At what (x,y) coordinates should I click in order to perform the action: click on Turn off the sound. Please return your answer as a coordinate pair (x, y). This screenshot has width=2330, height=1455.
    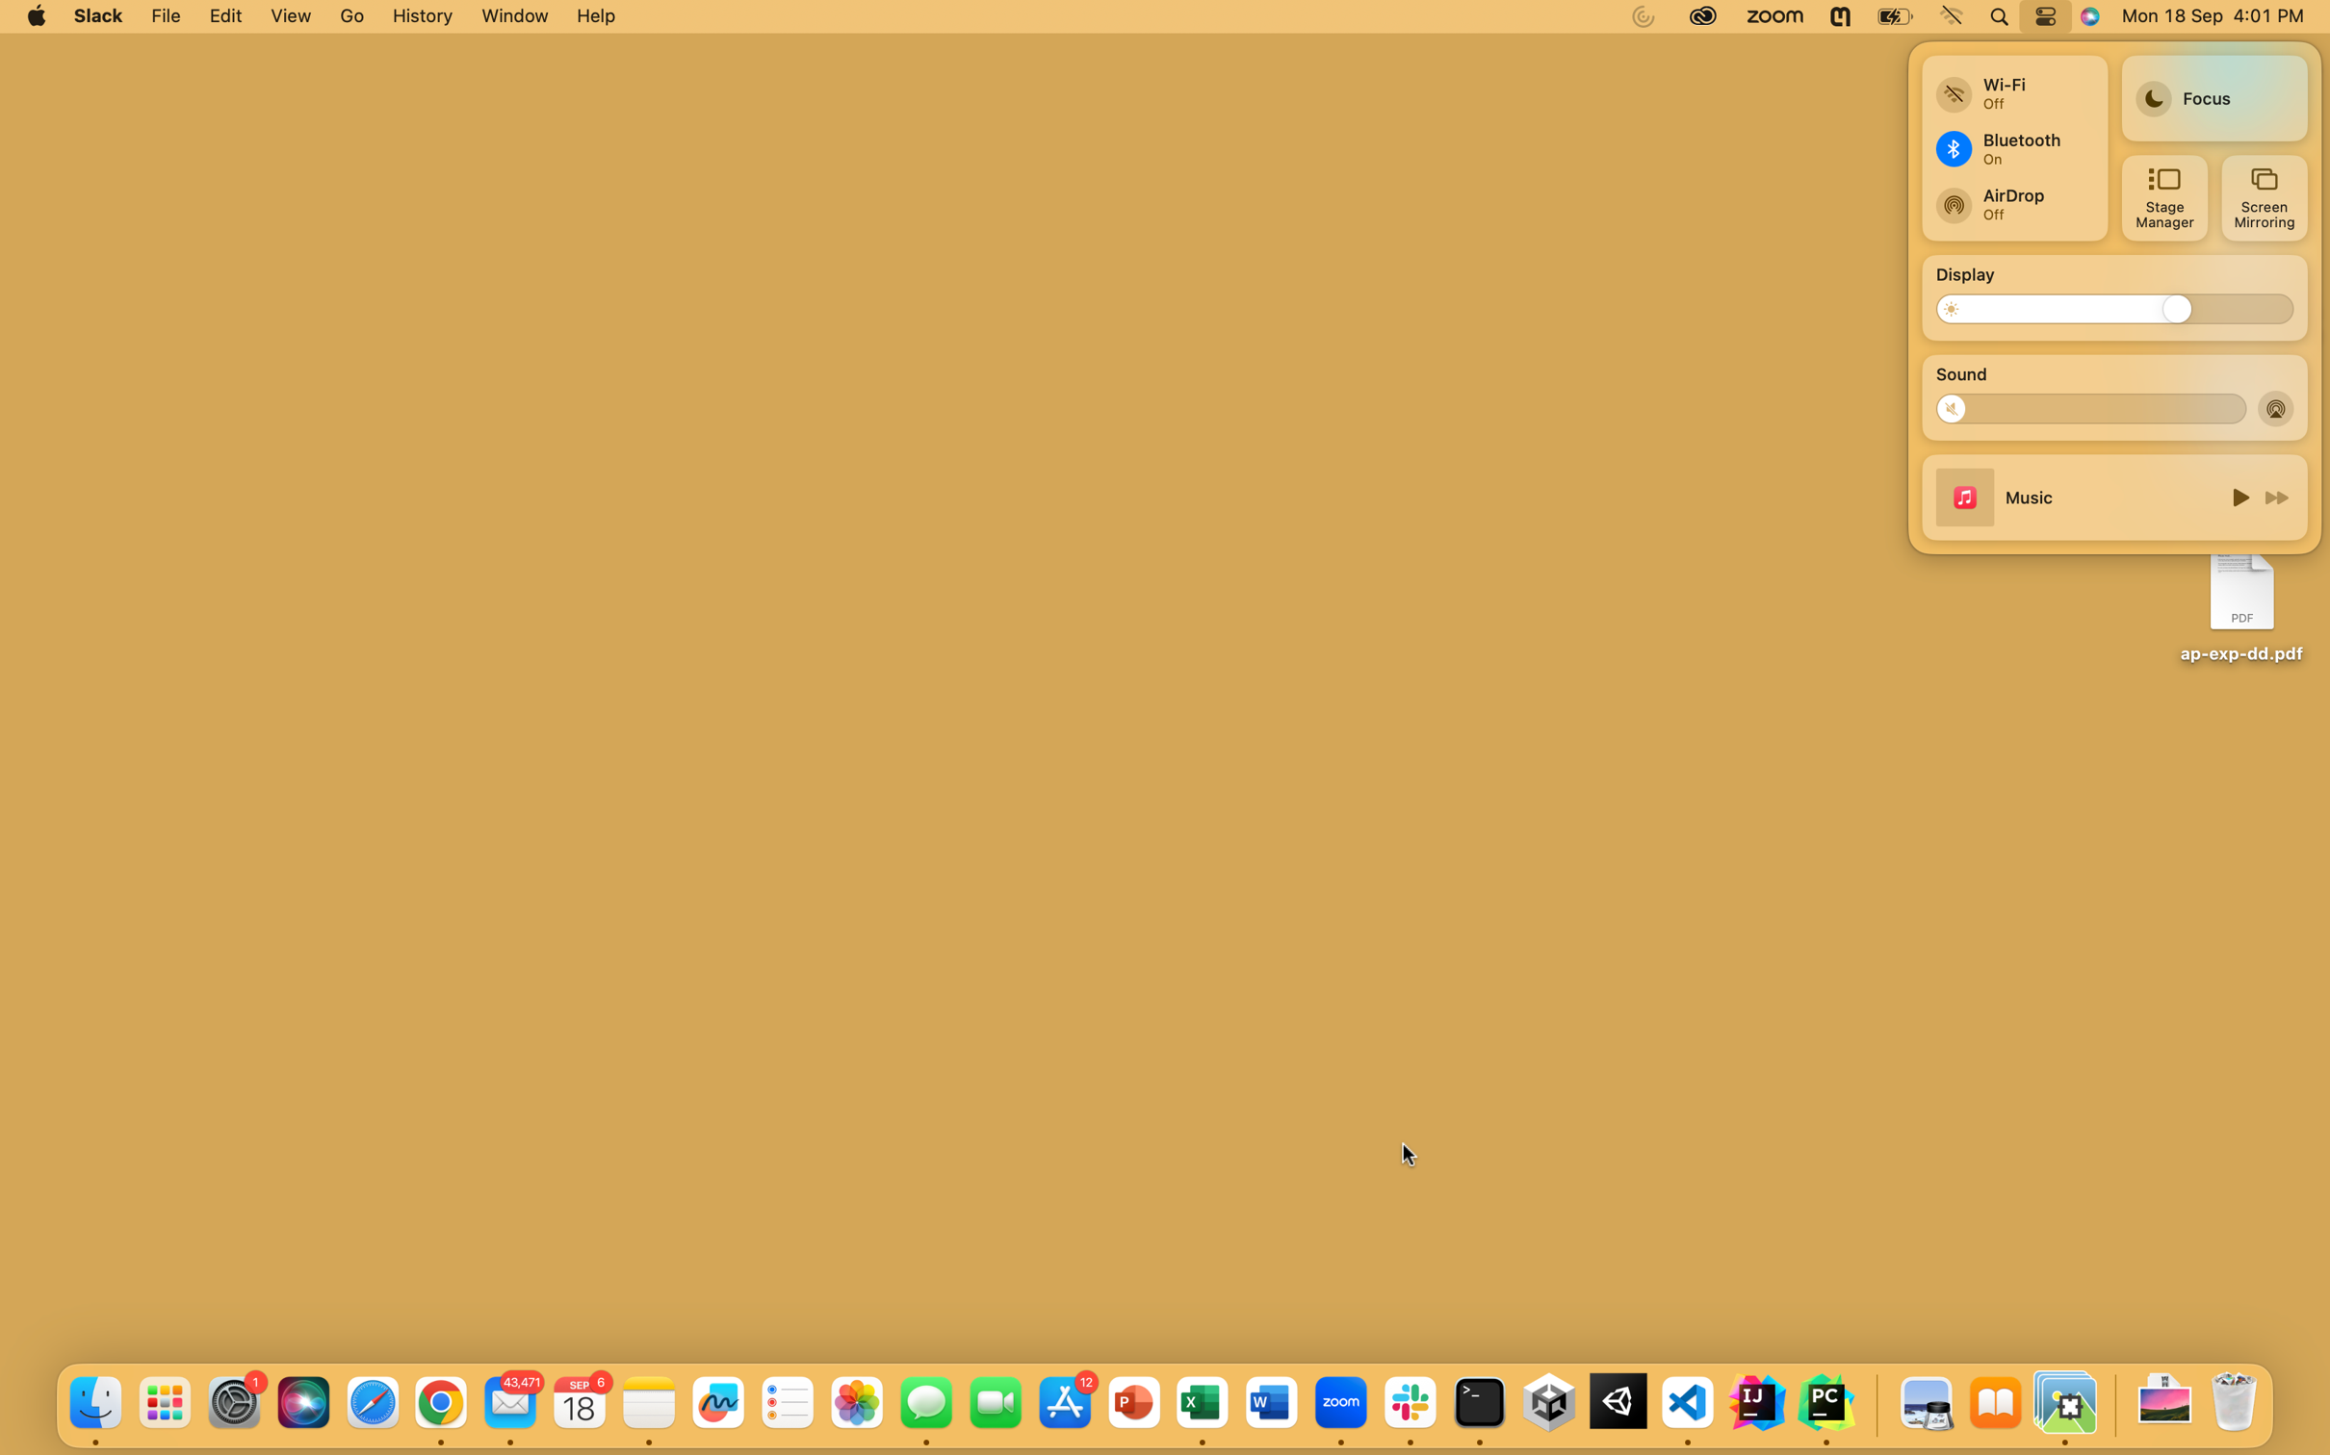
    Looking at the image, I should click on (1959, 407).